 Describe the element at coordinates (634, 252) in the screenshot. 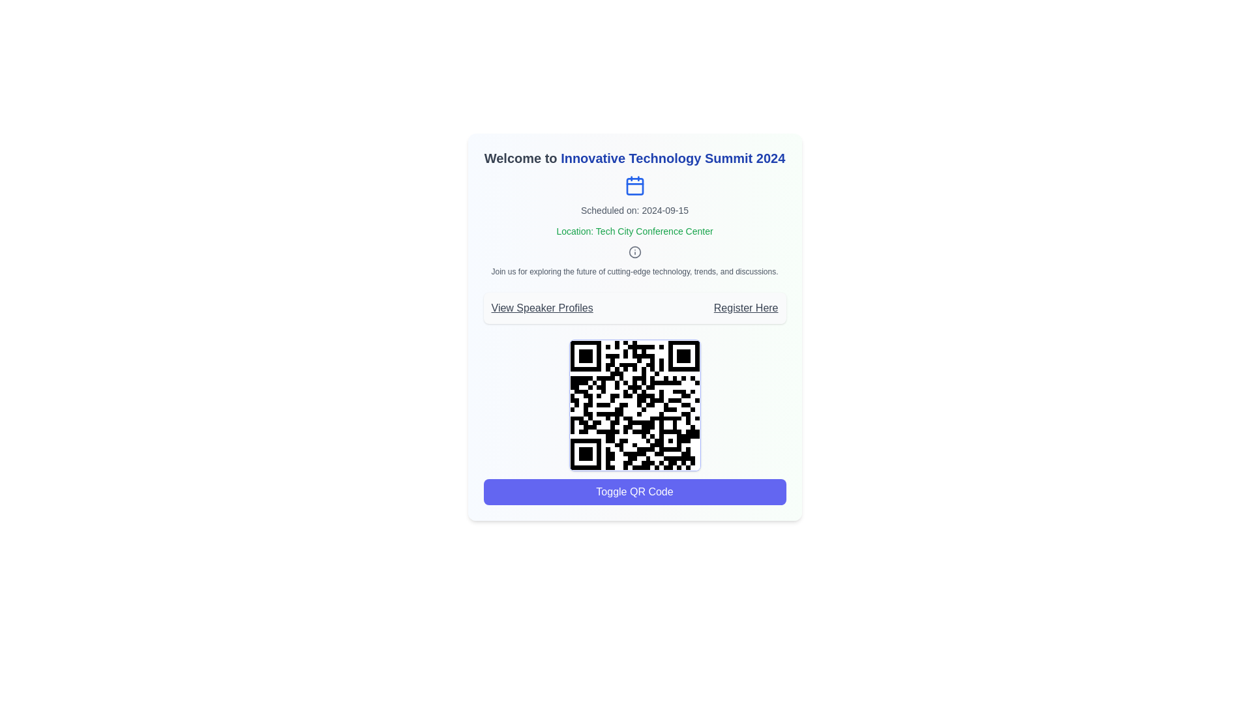

I see `on the informational icon located below the 'Tech City Conference Center' line` at that location.